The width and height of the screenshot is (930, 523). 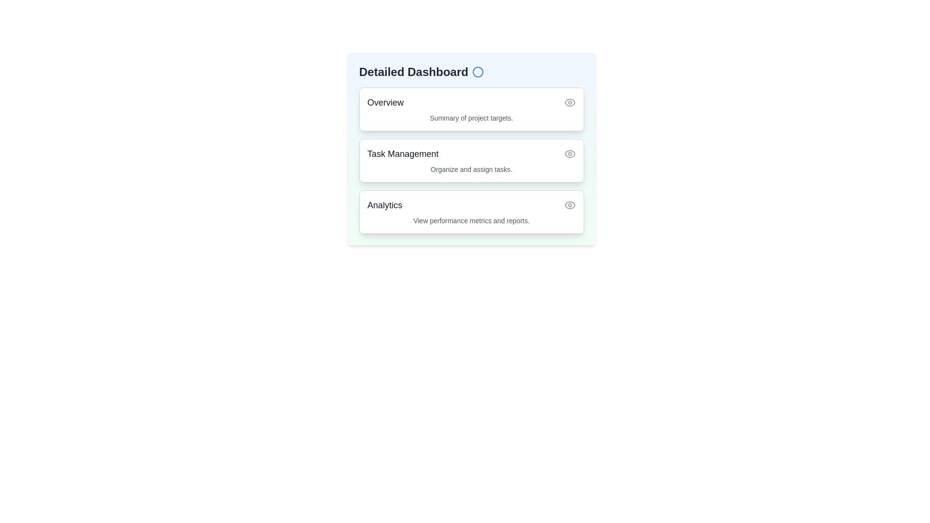 What do you see at coordinates (471, 160) in the screenshot?
I see `the item Task Management to observe its hover effect` at bounding box center [471, 160].